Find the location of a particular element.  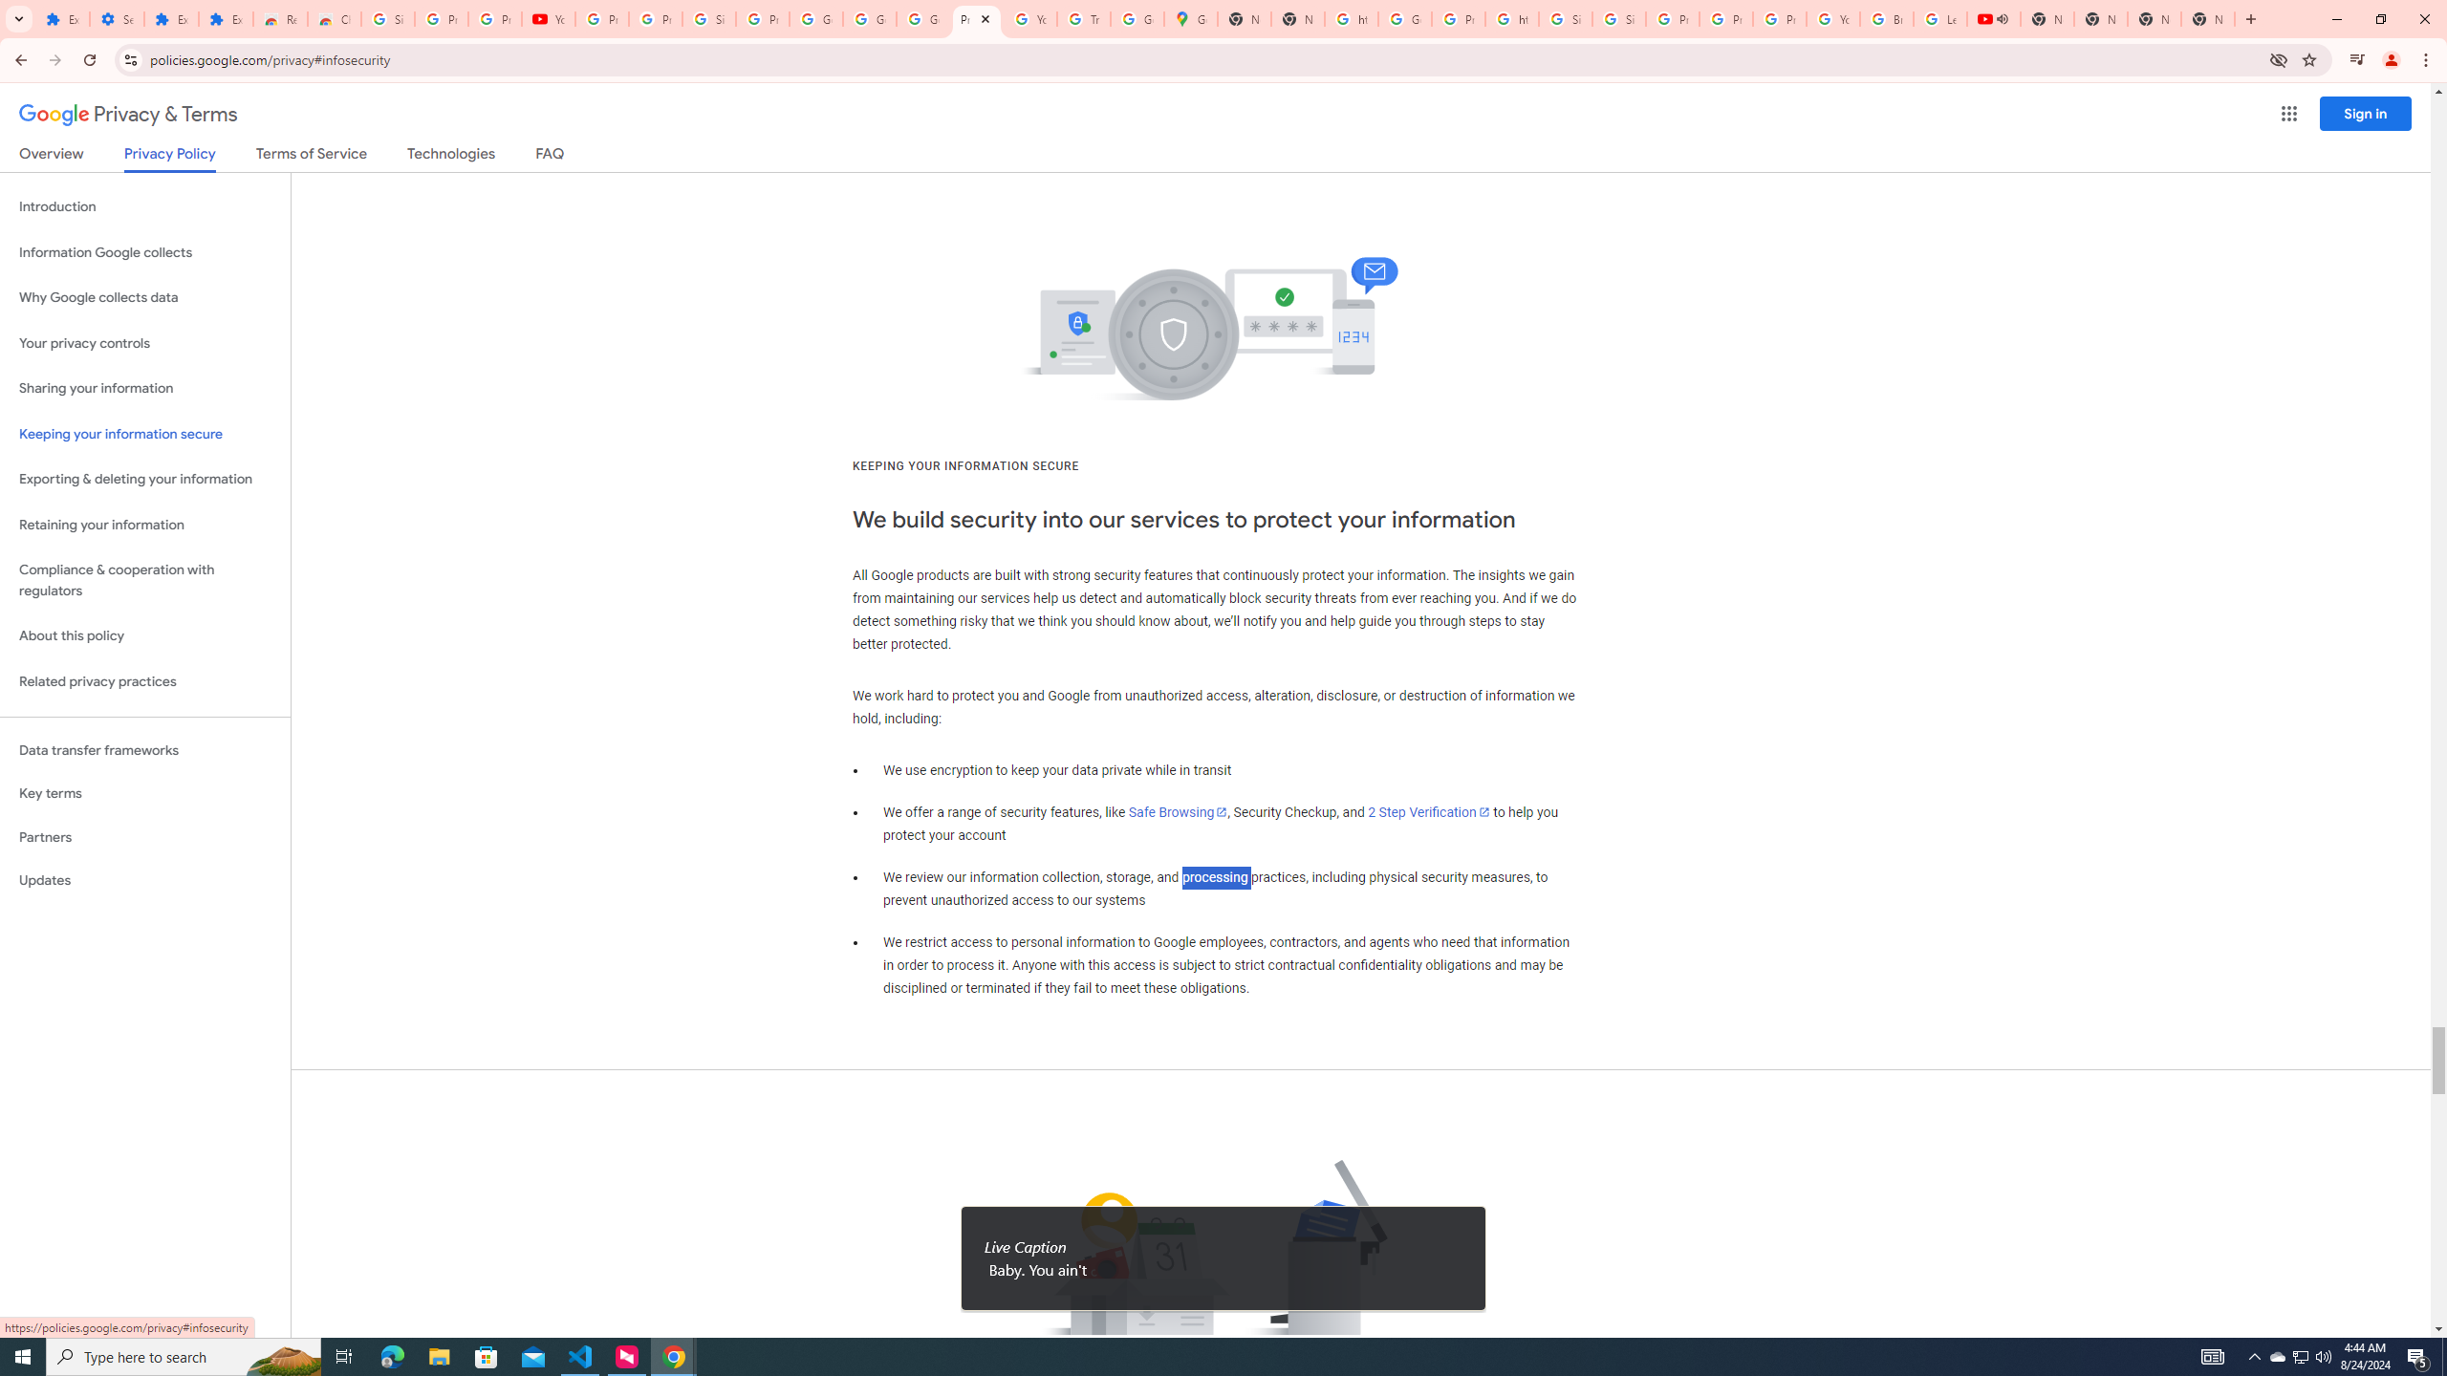

'Your privacy controls' is located at coordinates (144, 344).